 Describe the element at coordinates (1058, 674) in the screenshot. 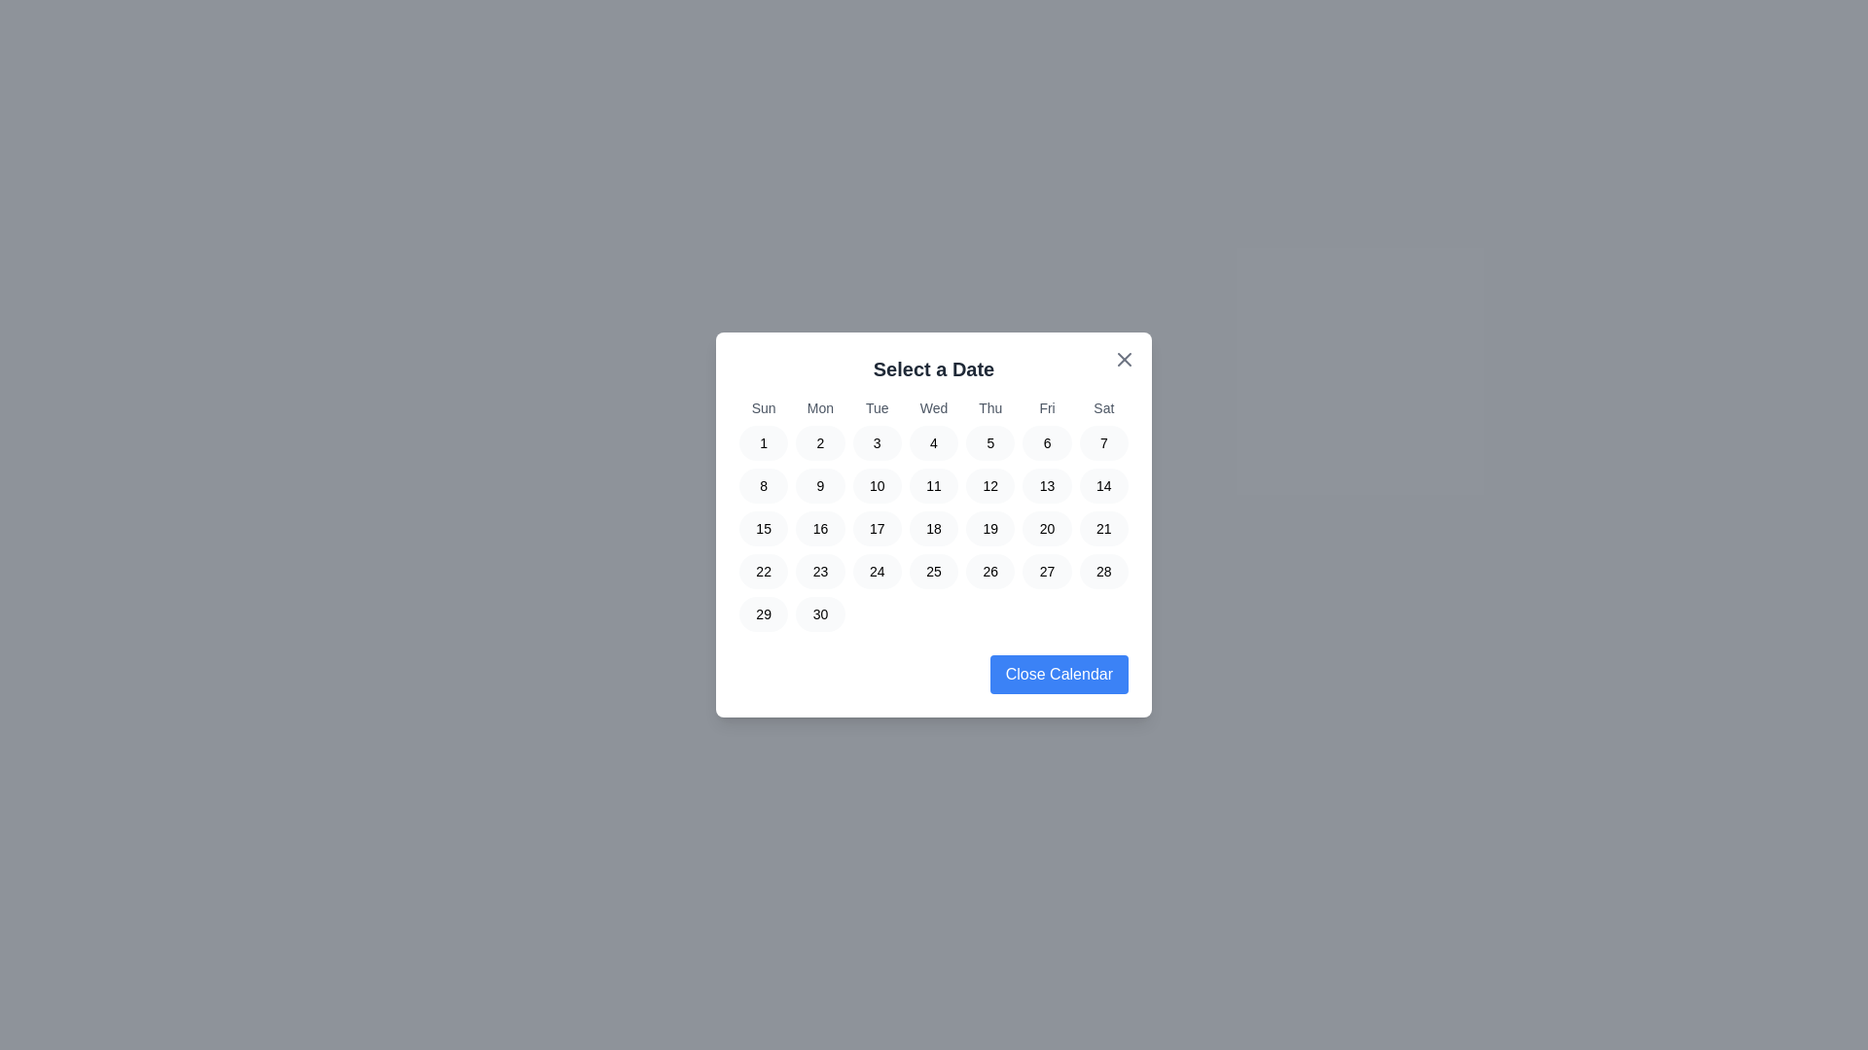

I see `the 'Close Calendar' button to close the calendar dialog` at that location.